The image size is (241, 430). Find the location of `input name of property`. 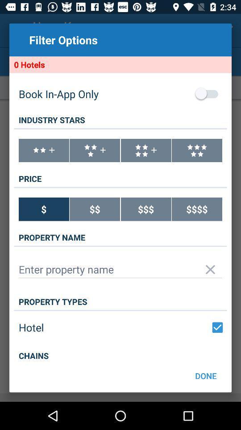

input name of property is located at coordinates (120, 269).